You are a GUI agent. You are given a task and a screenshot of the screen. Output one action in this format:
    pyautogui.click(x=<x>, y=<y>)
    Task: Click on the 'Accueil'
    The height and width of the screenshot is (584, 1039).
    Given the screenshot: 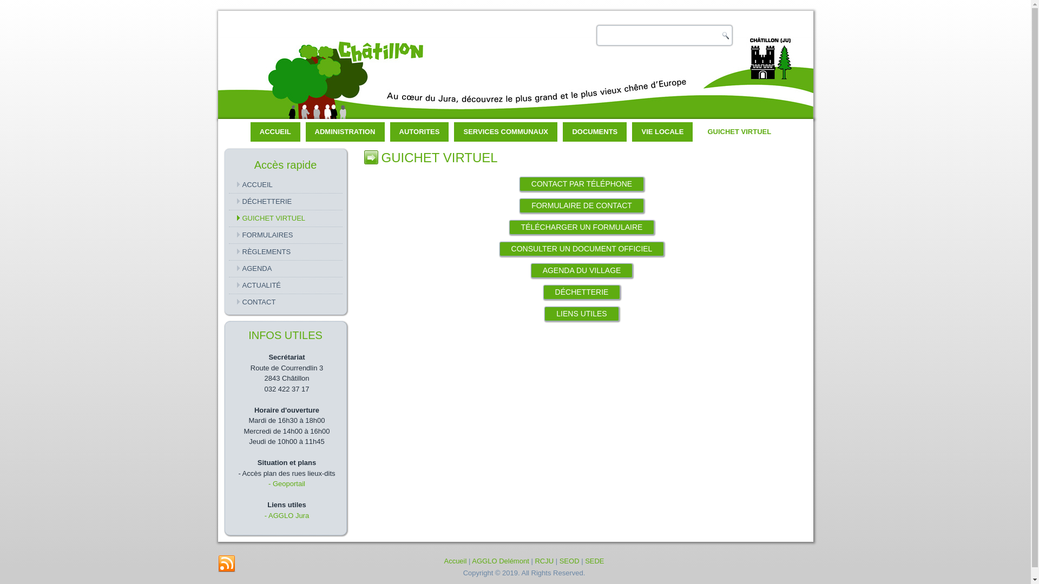 What is the action you would take?
    pyautogui.click(x=455, y=560)
    